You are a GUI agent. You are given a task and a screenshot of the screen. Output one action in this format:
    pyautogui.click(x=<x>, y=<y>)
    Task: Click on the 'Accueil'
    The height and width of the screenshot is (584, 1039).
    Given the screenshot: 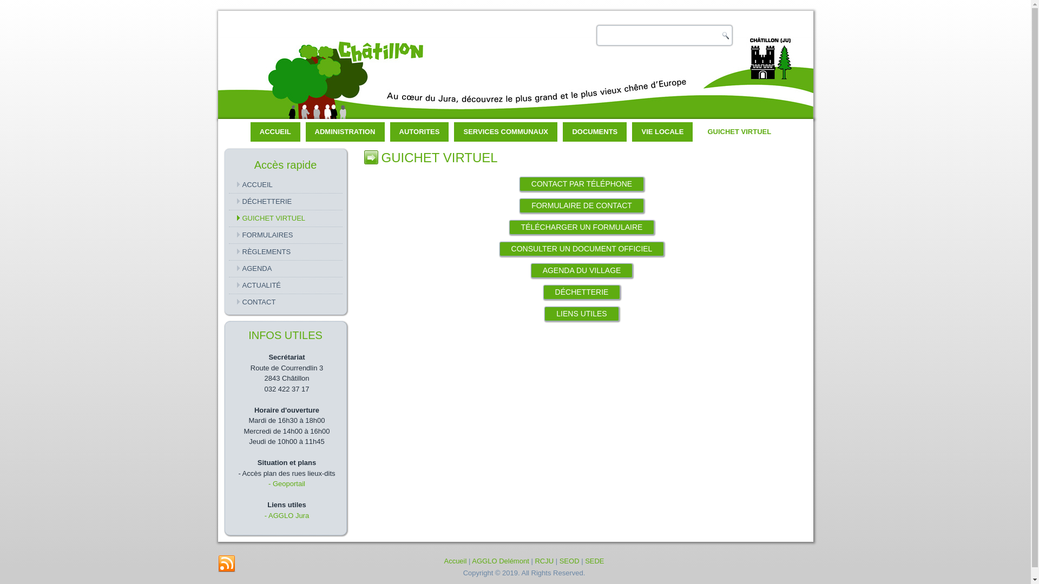 What is the action you would take?
    pyautogui.click(x=455, y=560)
    